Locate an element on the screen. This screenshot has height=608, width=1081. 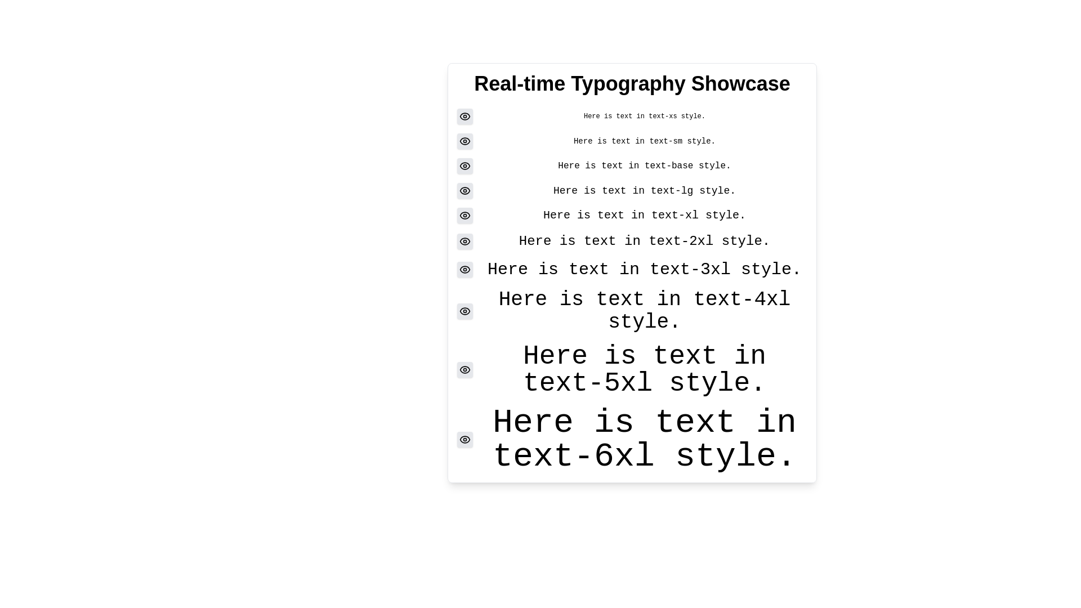
the sixth eye-shaped icon in the vertical stack is located at coordinates (464, 240).